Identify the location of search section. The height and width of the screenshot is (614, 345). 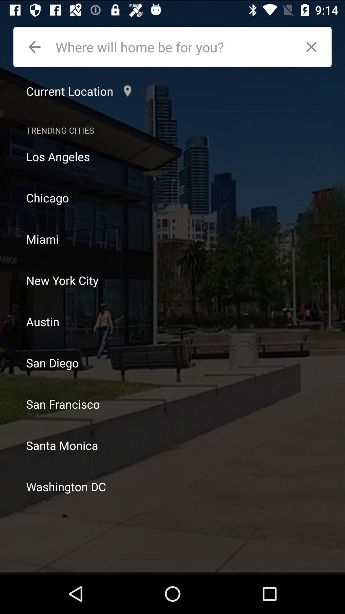
(174, 47).